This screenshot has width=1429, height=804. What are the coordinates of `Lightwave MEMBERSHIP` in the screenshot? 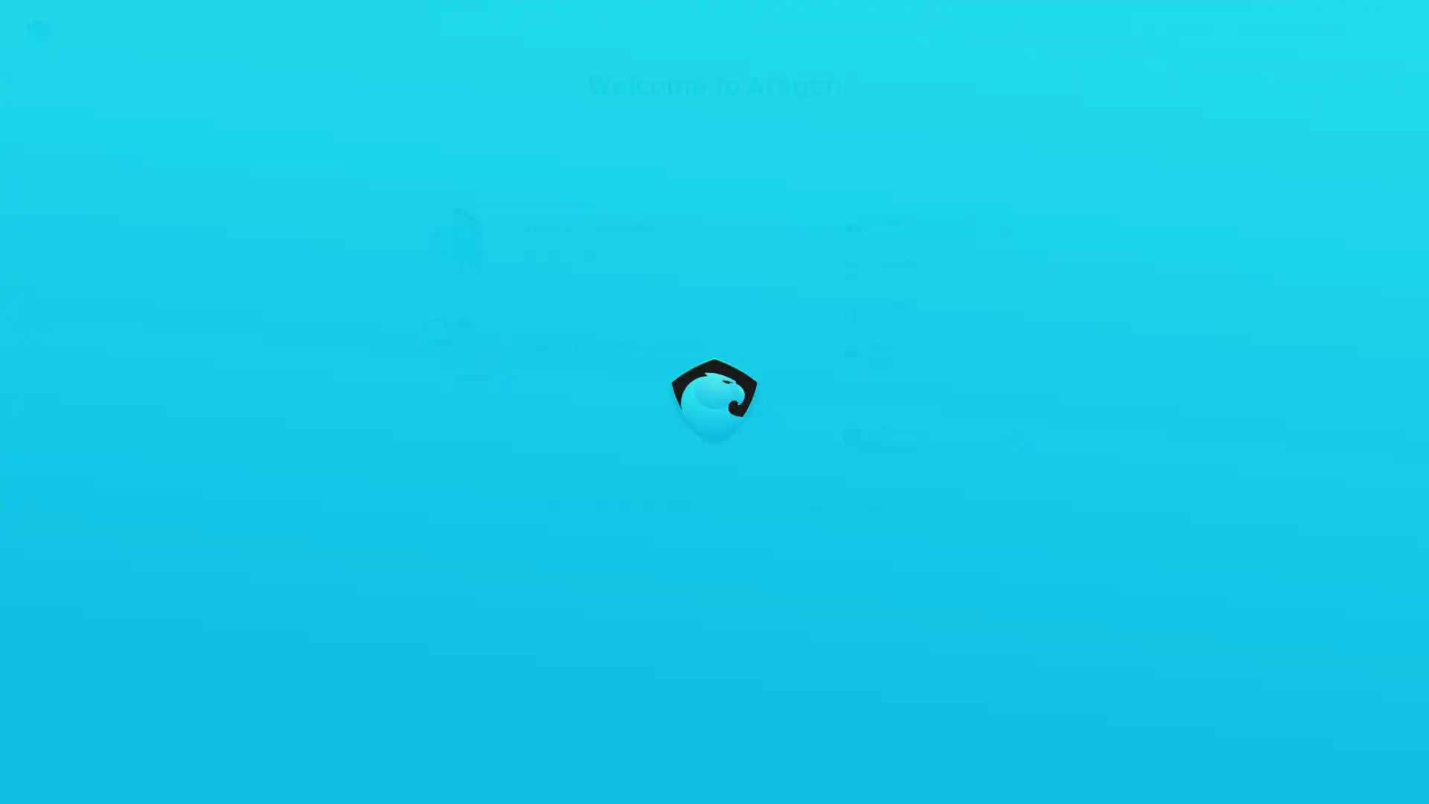 It's located at (913, 436).